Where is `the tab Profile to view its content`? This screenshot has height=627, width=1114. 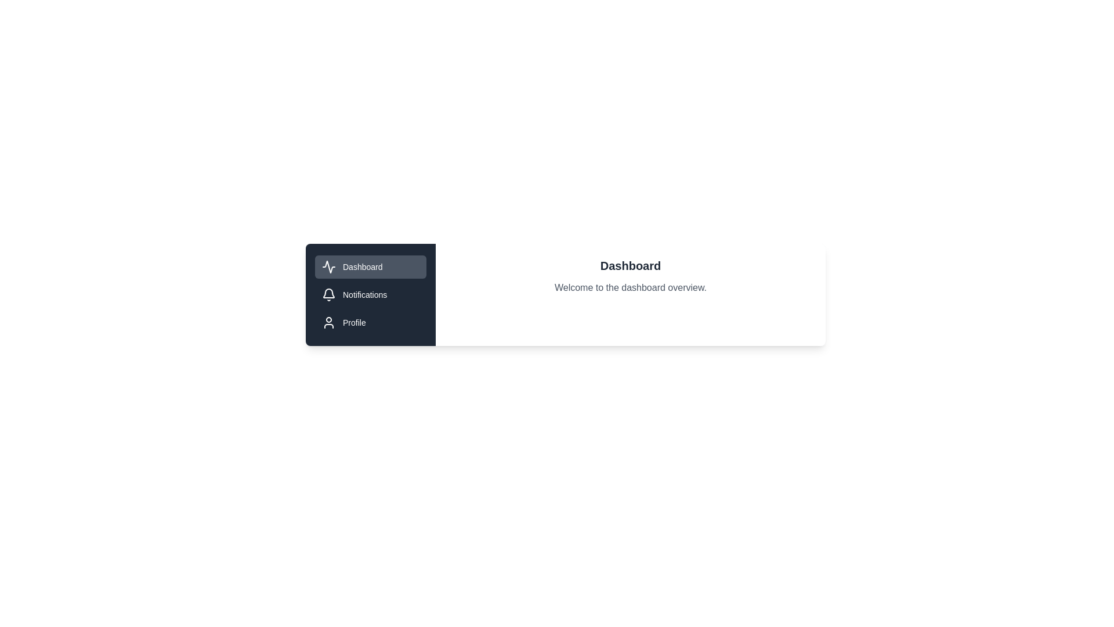 the tab Profile to view its content is located at coordinates (370, 322).